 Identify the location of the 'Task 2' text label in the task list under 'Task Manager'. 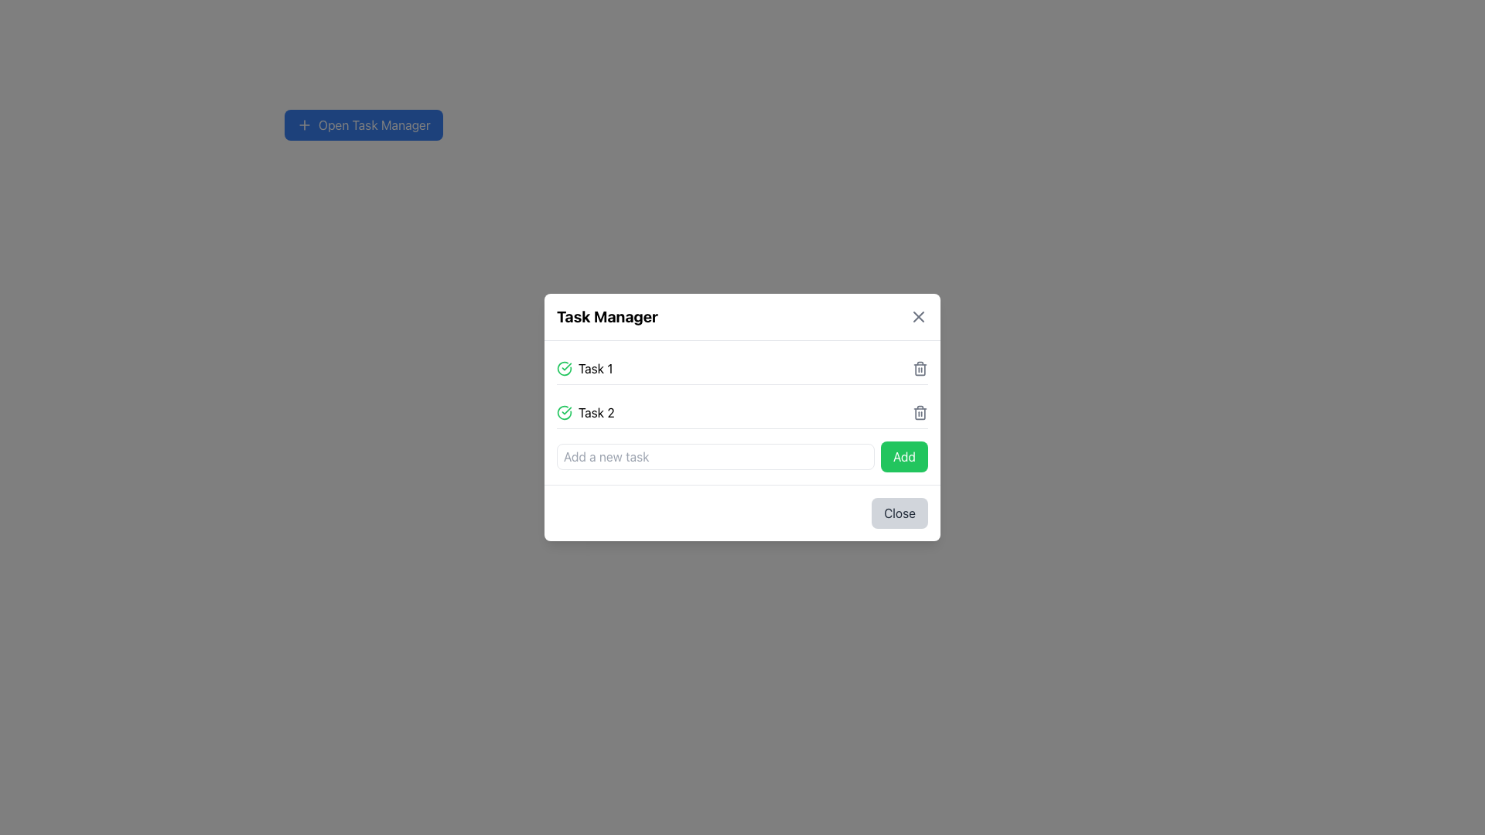
(596, 411).